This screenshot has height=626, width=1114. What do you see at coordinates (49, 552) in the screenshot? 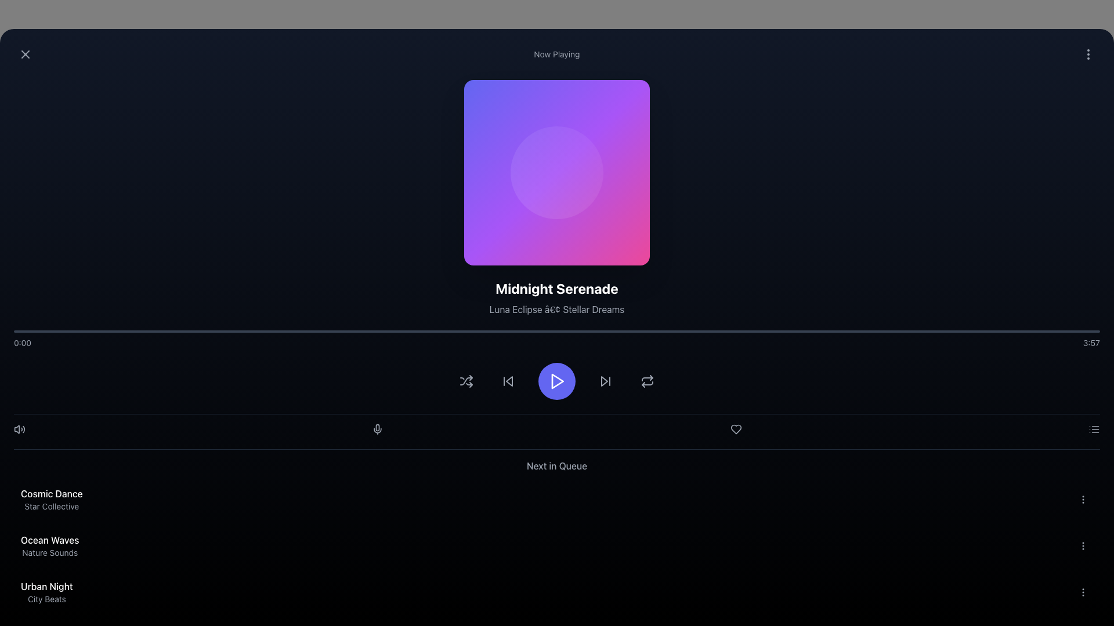
I see `the Text Label that describes the category or genre of the 'Ocean Waves' item, located in the bottom section of the interface, under the 'Ocean Waves' entry in the list` at bounding box center [49, 552].